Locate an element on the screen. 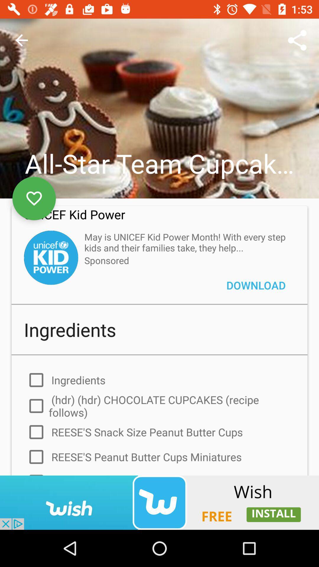 The width and height of the screenshot is (319, 567). wishlist is located at coordinates (34, 198).